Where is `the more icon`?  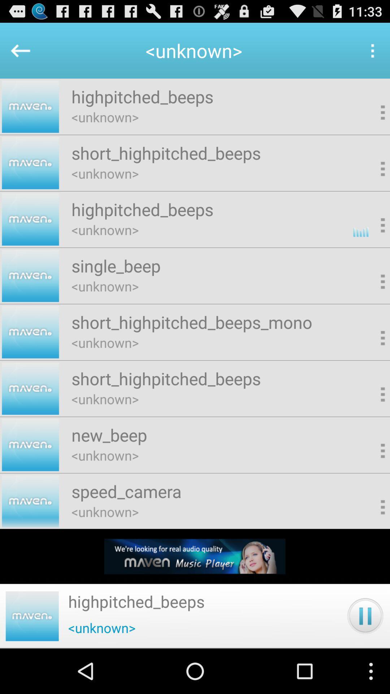 the more icon is located at coordinates (371, 543).